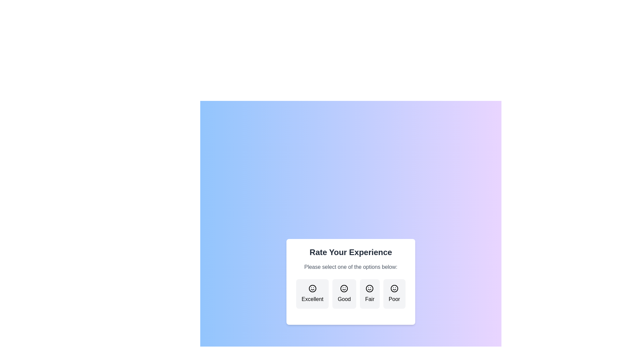  Describe the element at coordinates (344, 288) in the screenshot. I see `the circular outline of the smiley icon representing the 'Good' rating choice, which is the second icon from the left in a group of four options` at that location.